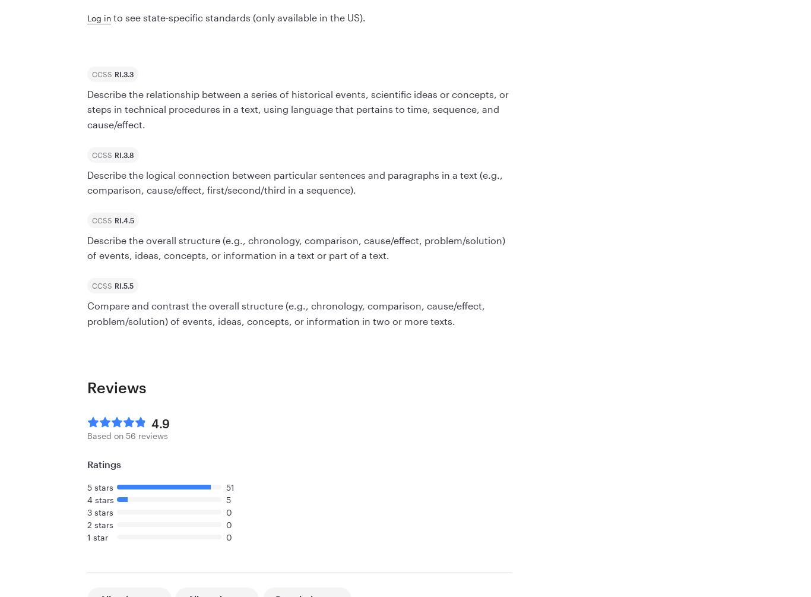 This screenshot has width=811, height=597. What do you see at coordinates (123, 74) in the screenshot?
I see `'RI.3.3'` at bounding box center [123, 74].